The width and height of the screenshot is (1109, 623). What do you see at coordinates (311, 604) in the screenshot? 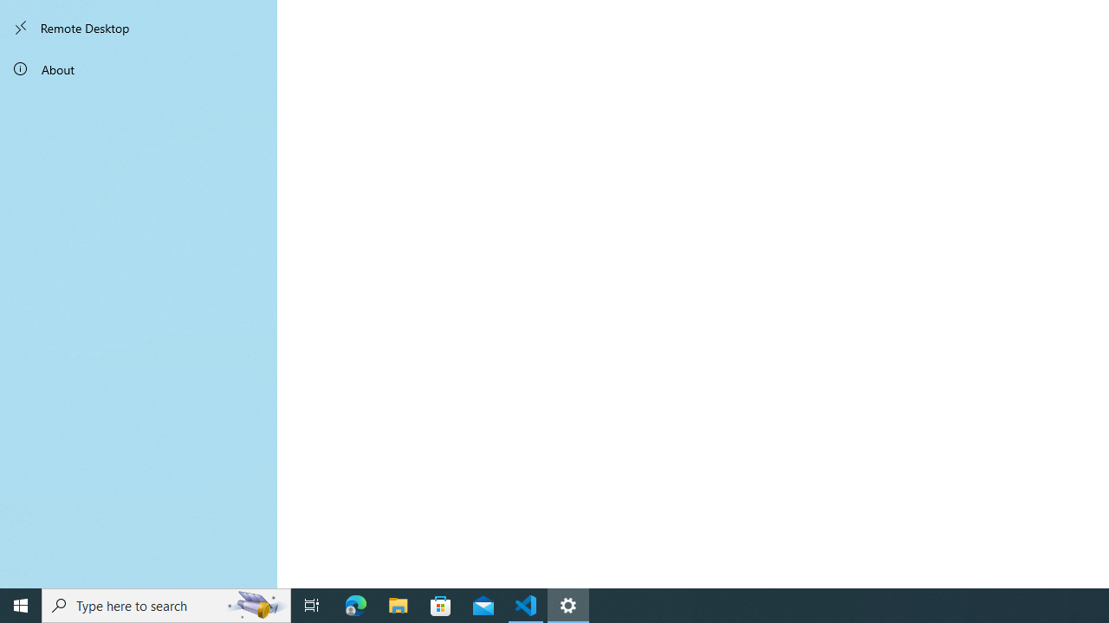
I see `'Task View'` at bounding box center [311, 604].